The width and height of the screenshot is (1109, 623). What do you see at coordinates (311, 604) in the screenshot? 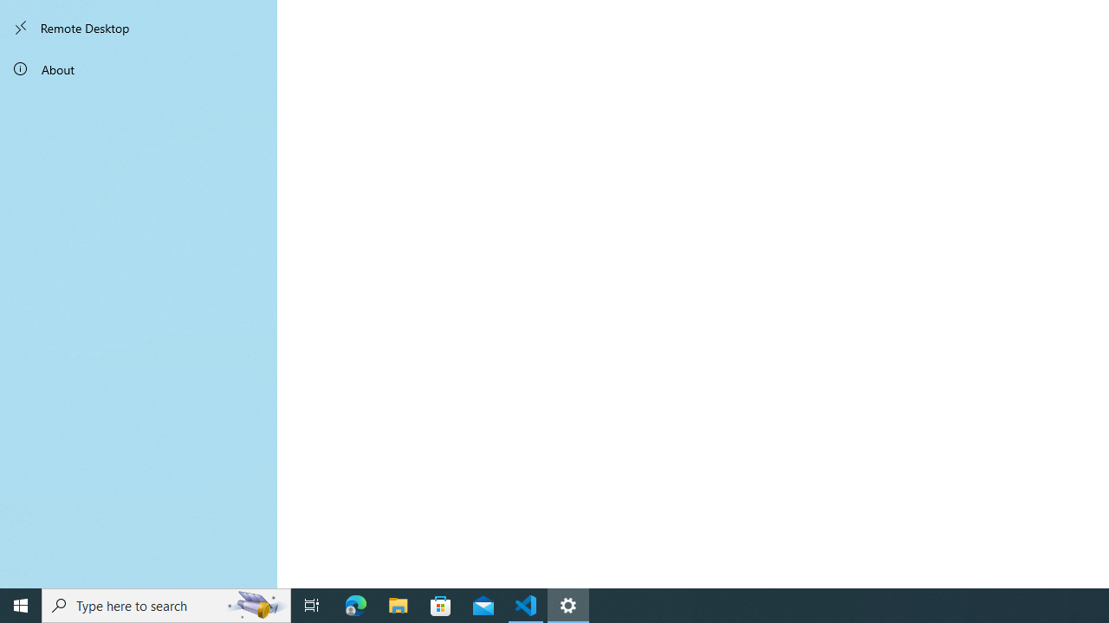
I see `'Task View'` at bounding box center [311, 604].